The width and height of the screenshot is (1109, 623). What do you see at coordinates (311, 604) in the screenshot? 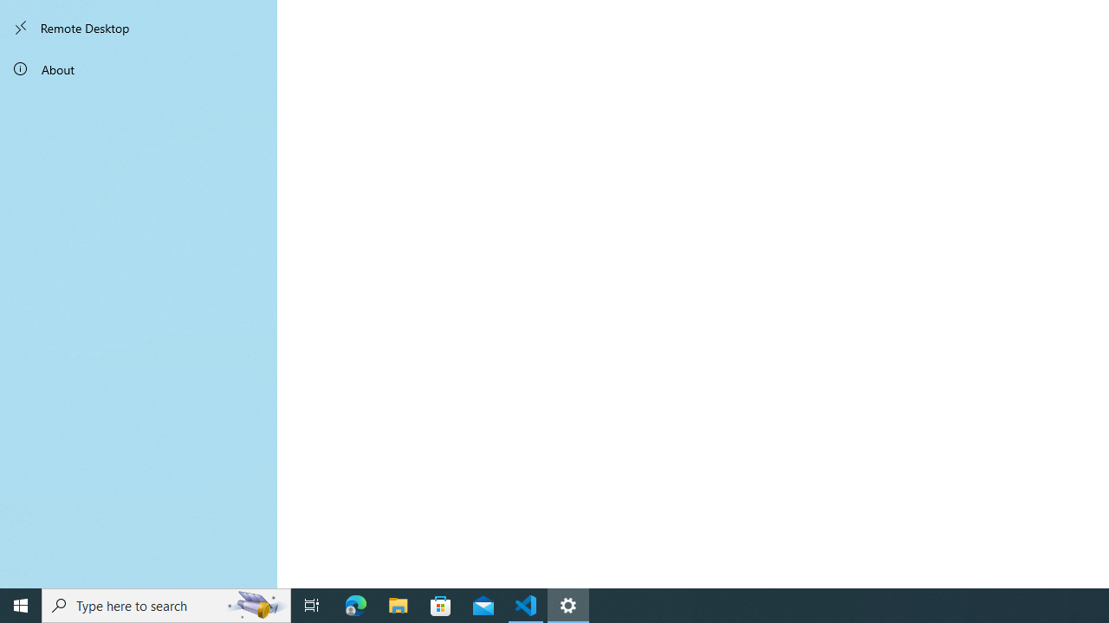
I see `'Task View'` at bounding box center [311, 604].